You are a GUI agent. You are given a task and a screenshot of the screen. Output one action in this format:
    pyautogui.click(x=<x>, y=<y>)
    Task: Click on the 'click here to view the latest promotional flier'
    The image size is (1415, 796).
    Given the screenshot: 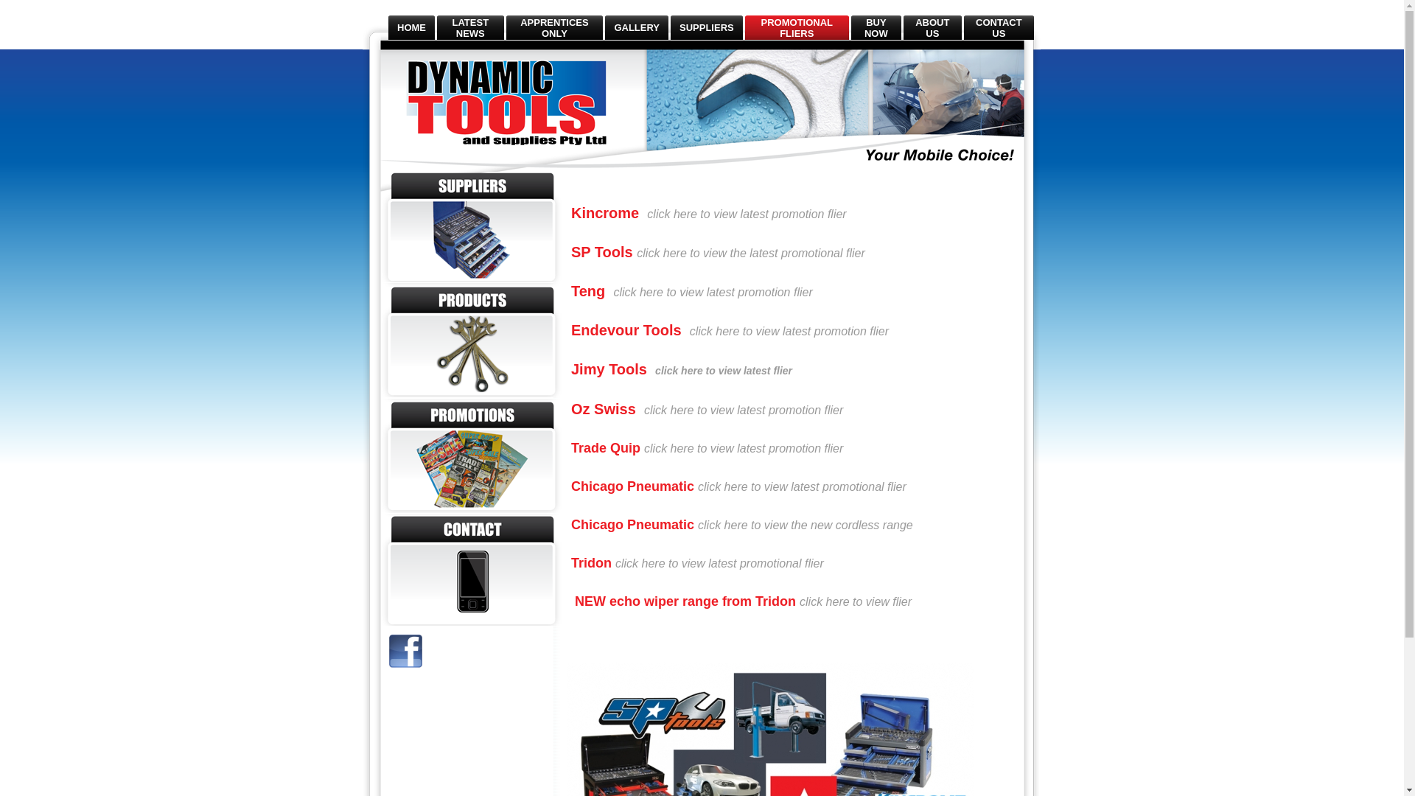 What is the action you would take?
    pyautogui.click(x=750, y=252)
    